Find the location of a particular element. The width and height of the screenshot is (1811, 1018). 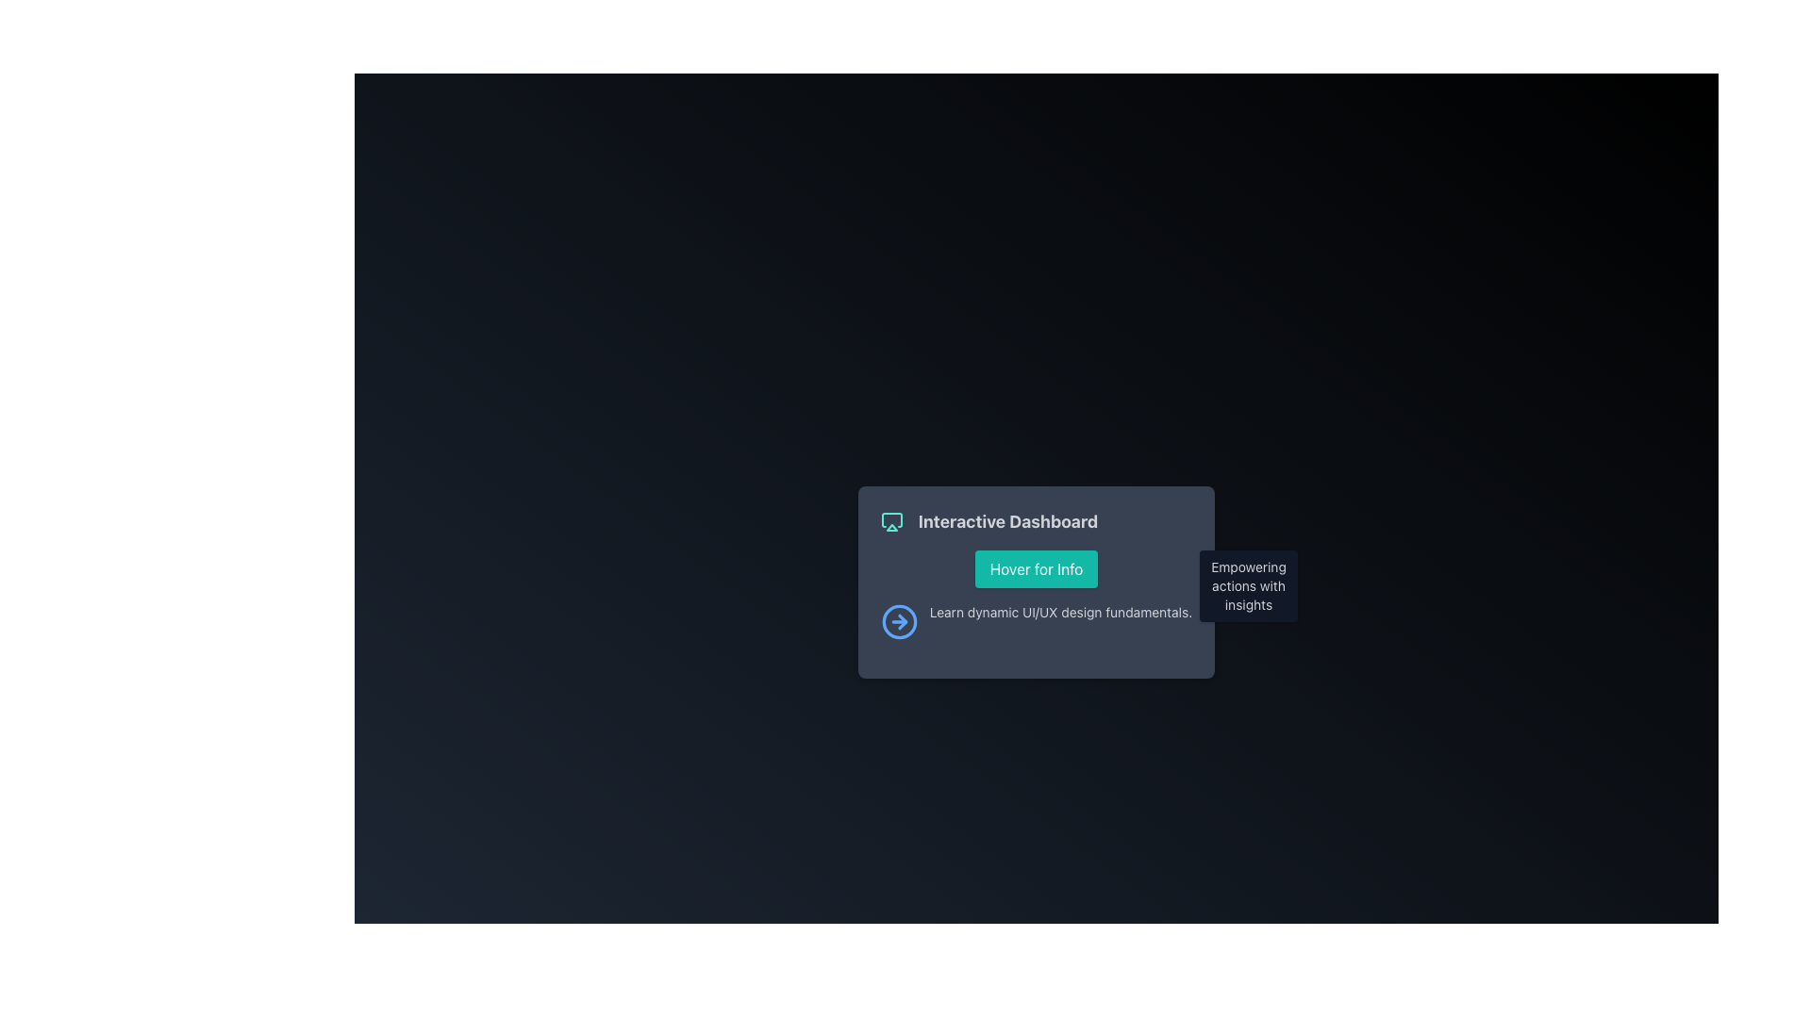

the navigational icon located on the lower left of the panel containing the text 'Learn dynamic UI/UX design fundamentals.' is located at coordinates (898, 621).